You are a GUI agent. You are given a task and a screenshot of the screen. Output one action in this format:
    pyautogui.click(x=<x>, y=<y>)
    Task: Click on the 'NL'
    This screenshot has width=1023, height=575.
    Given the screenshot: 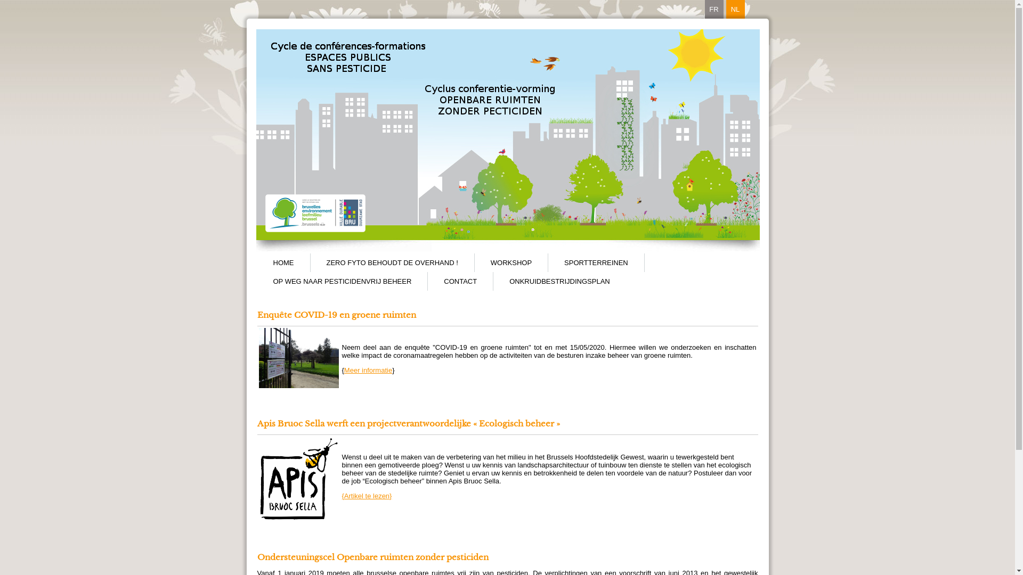 What is the action you would take?
    pyautogui.click(x=734, y=9)
    